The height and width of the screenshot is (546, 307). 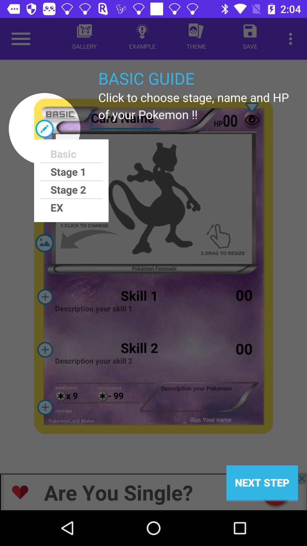 I want to click on the expand_more icon, so click(x=252, y=107).